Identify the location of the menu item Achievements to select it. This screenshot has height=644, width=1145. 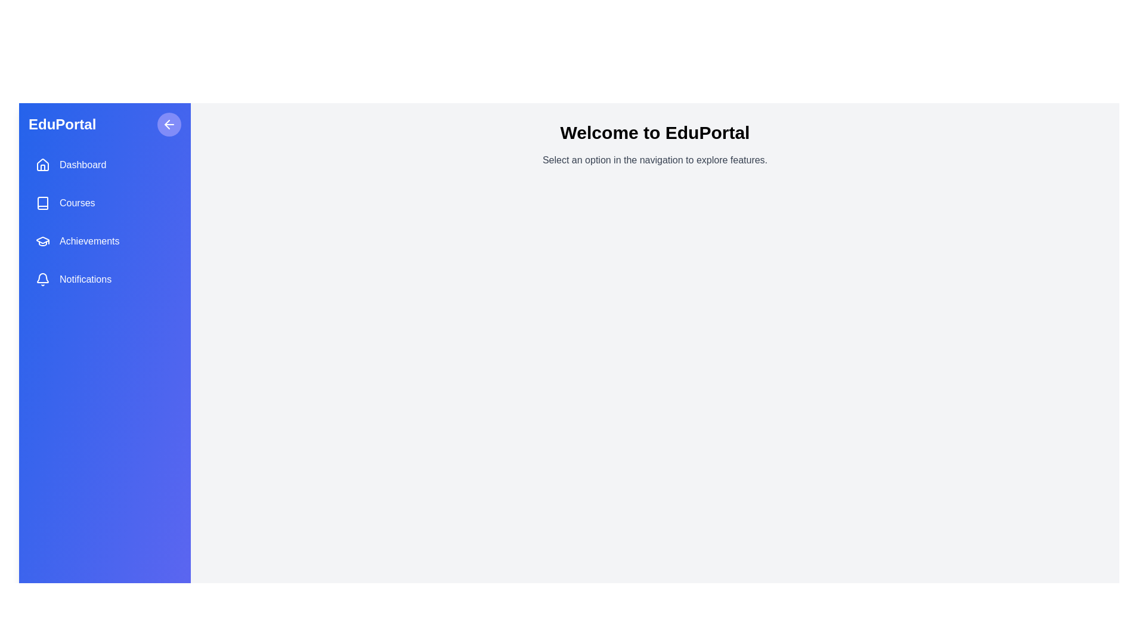
(105, 241).